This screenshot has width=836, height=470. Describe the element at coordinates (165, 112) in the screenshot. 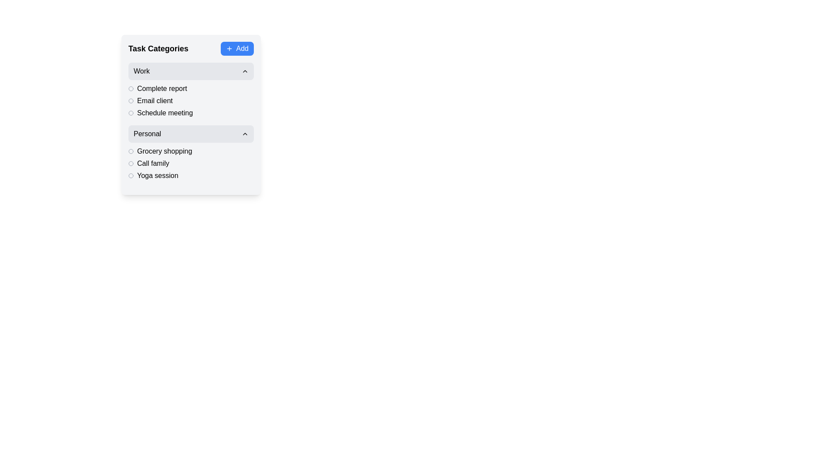

I see `the text label that reads 'Schedule meeting', which is the third item under the 'Work' category in the 'Task Categories' section` at that location.